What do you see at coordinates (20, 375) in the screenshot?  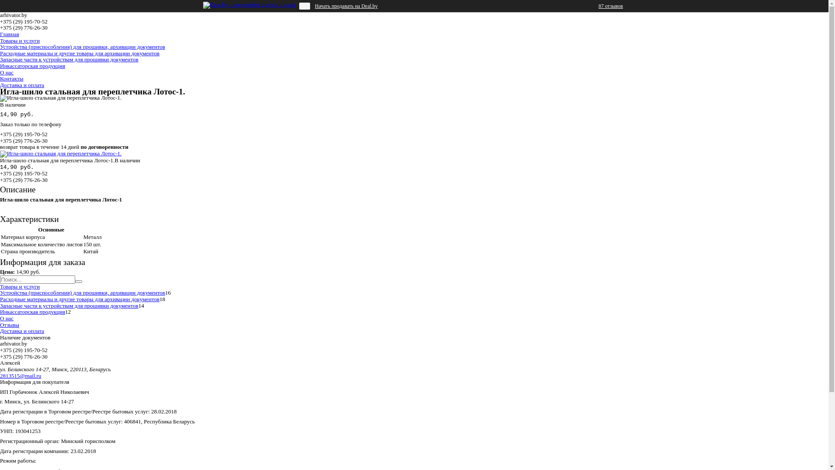 I see `'2813515@mail.ru'` at bounding box center [20, 375].